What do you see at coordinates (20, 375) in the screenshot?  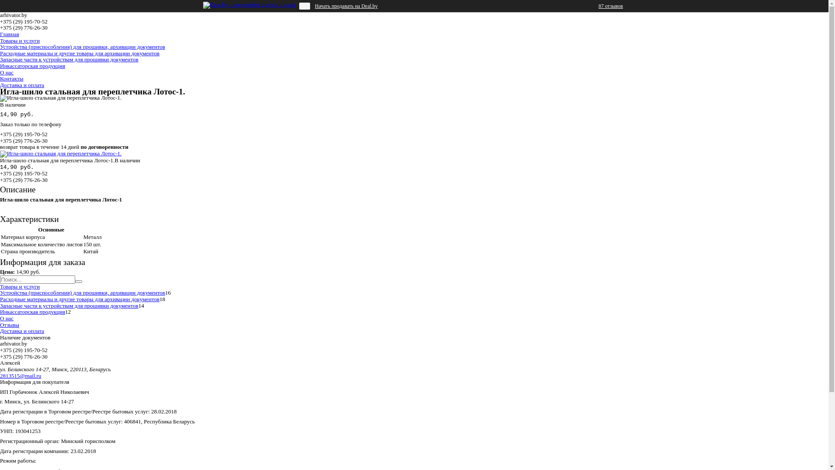 I see `'2813515@mail.ru'` at bounding box center [20, 375].